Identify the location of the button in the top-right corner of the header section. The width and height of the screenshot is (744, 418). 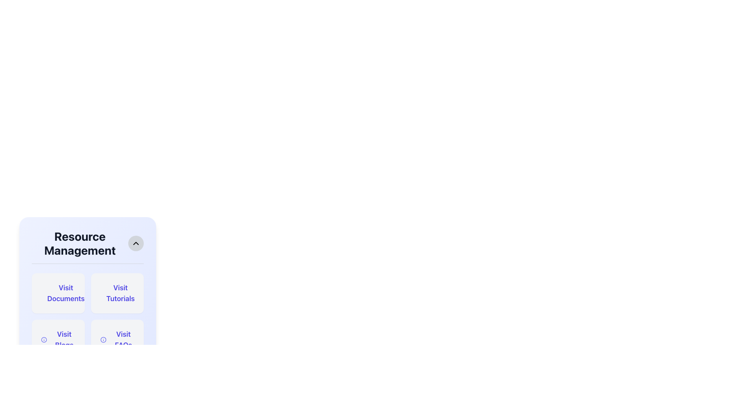
(136, 243).